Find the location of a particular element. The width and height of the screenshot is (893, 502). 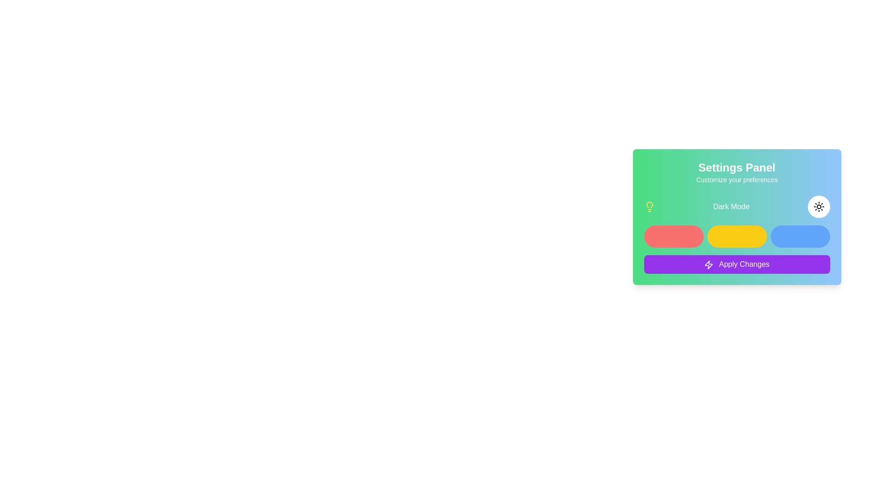

the submit button at the bottom of the Settings Panel to confirm changes made in the settings is located at coordinates (736, 264).